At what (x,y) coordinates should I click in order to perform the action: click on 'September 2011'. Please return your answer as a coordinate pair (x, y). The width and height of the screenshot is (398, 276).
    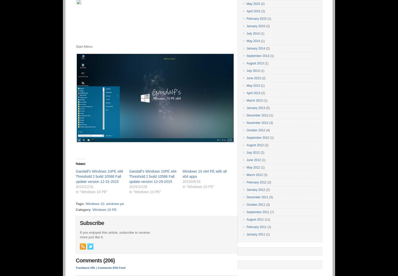
    Looking at the image, I should click on (257, 212).